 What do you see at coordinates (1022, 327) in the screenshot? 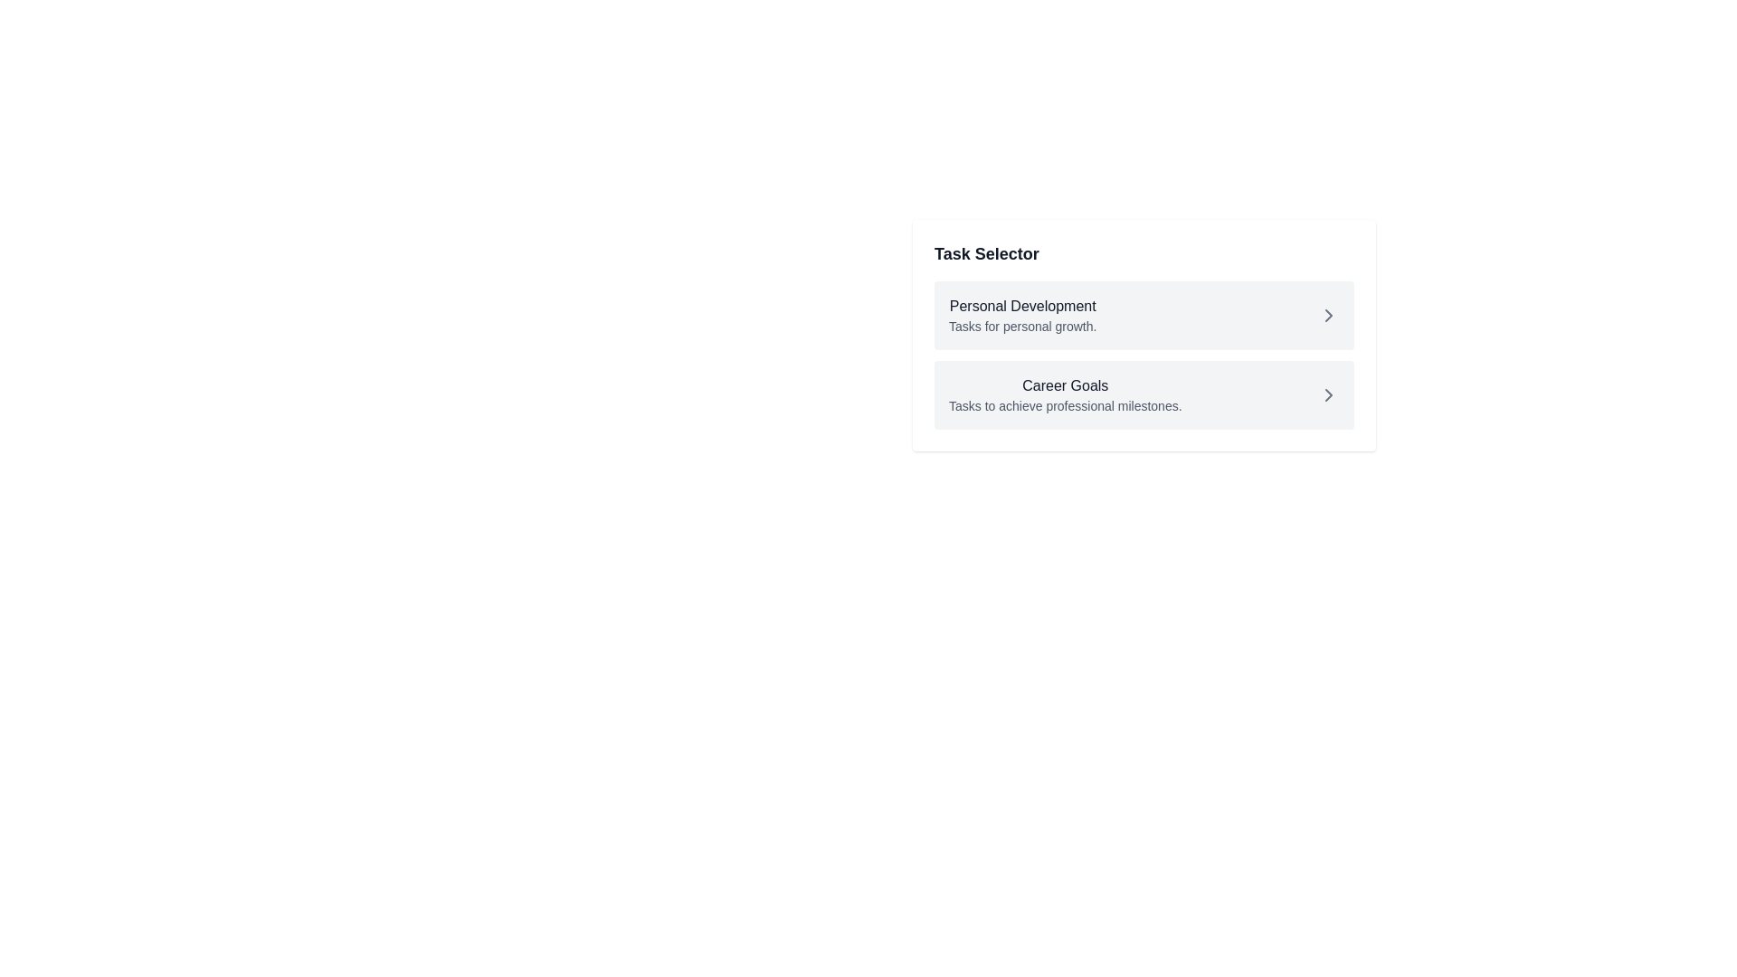
I see `the text label that provides additional context for the title 'Personal Development,' located directly below it in the 'Task Selector' section` at bounding box center [1022, 327].